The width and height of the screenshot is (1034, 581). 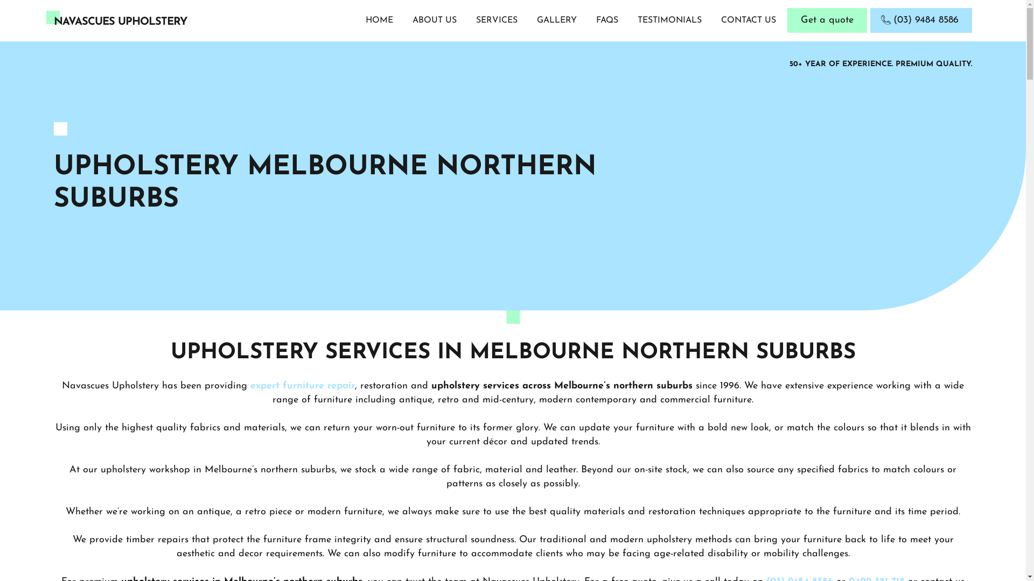 I want to click on 'TESTIMONIALS', so click(x=669, y=20).